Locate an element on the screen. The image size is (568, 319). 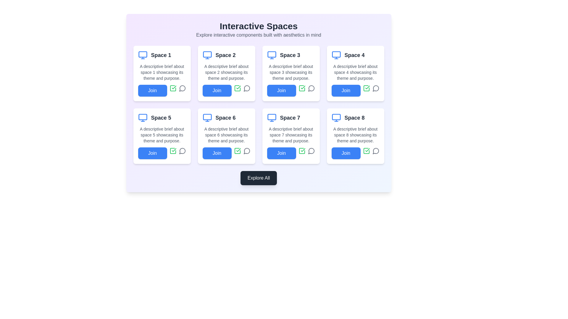
description of the card labeled 'Space 6', located in the second row and second column of the grid layout is located at coordinates (226, 136).